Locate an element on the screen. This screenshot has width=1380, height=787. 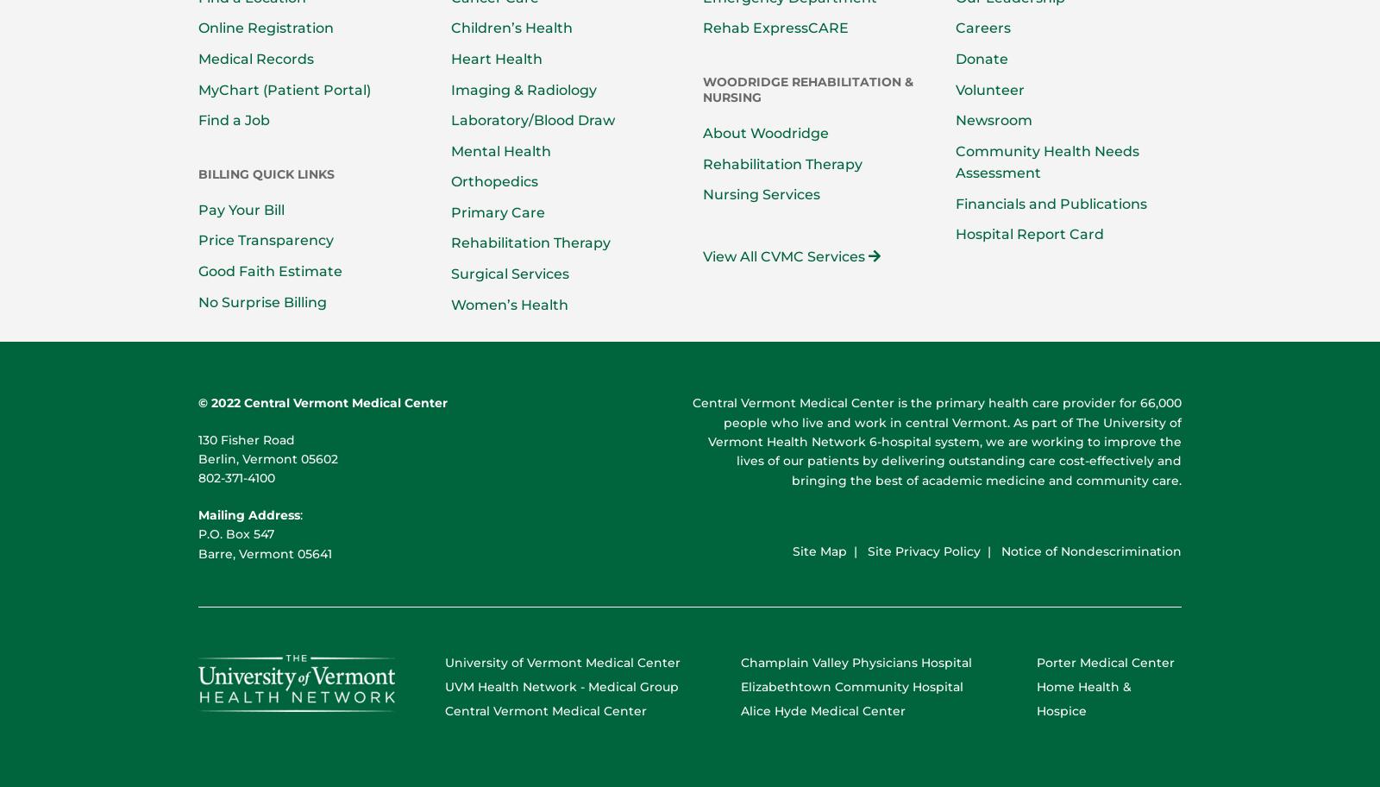
'Donate' is located at coordinates (981, 57).